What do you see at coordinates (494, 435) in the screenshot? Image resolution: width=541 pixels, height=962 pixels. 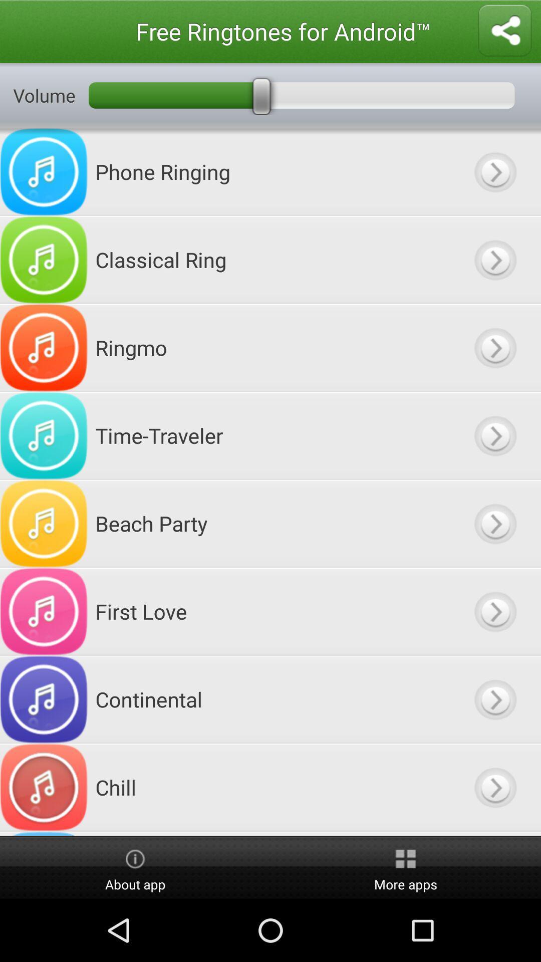 I see `ringtone` at bounding box center [494, 435].